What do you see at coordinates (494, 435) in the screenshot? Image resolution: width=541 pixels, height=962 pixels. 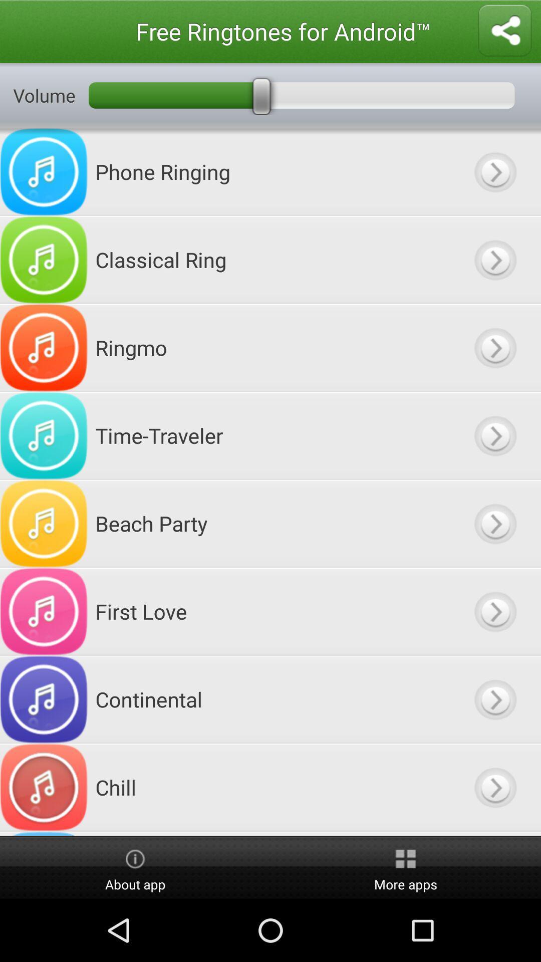 I see `ringtone` at bounding box center [494, 435].